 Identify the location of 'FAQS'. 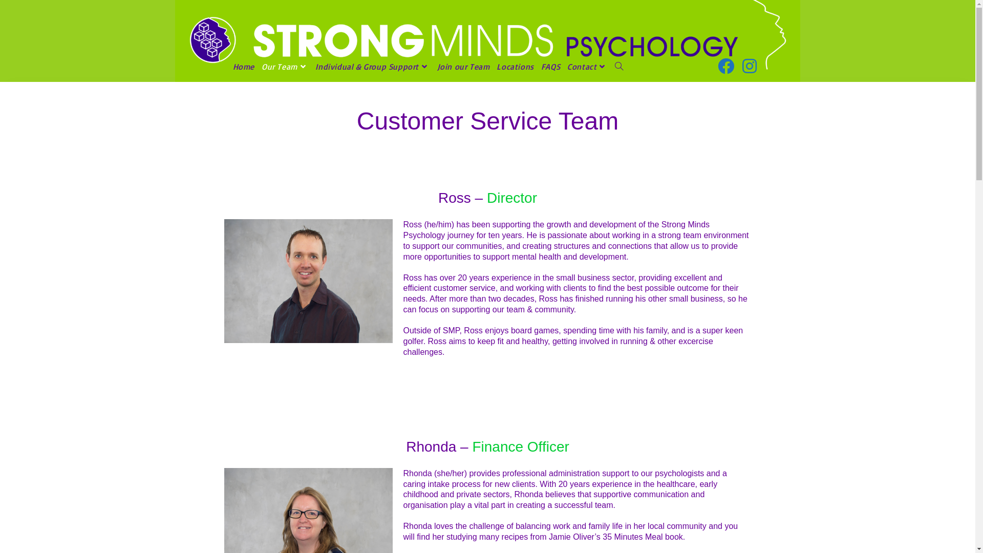
(537, 67).